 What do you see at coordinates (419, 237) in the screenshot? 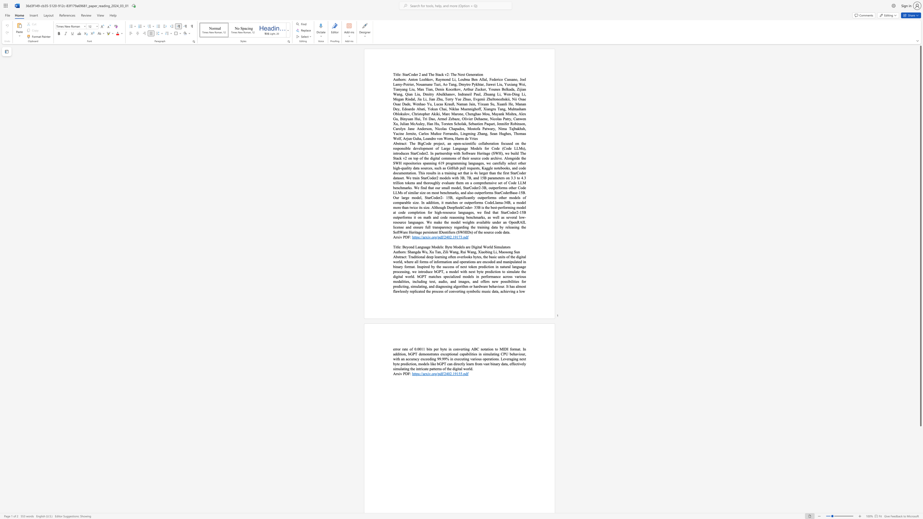
I see `the 1th character "s" in the text` at bounding box center [419, 237].